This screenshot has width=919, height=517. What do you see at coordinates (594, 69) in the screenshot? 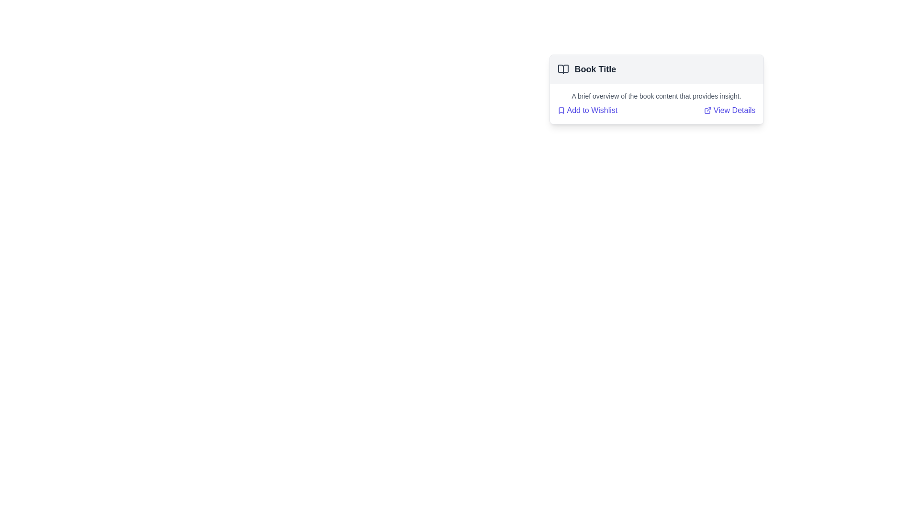
I see `the text label displaying 'Book Title' in bold, located on the right side of a book icon` at bounding box center [594, 69].